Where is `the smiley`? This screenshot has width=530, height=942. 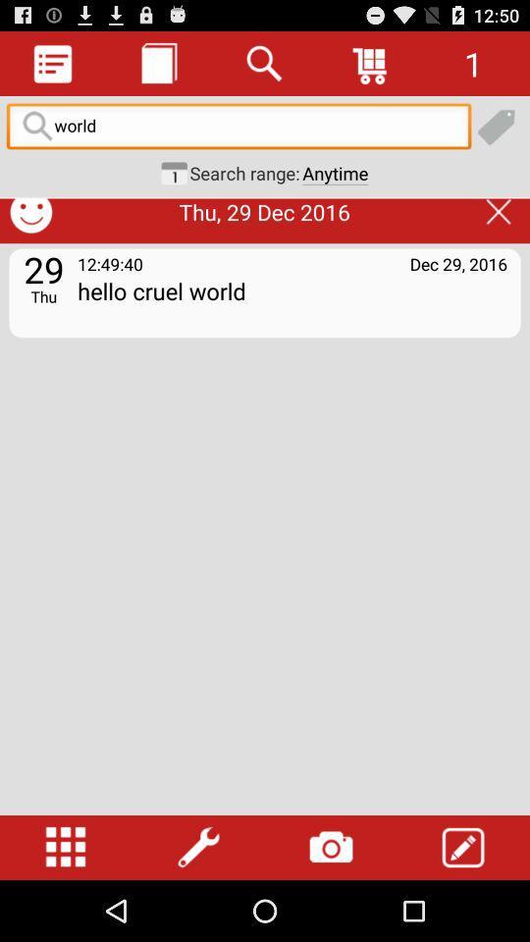 the smiley is located at coordinates (30, 212).